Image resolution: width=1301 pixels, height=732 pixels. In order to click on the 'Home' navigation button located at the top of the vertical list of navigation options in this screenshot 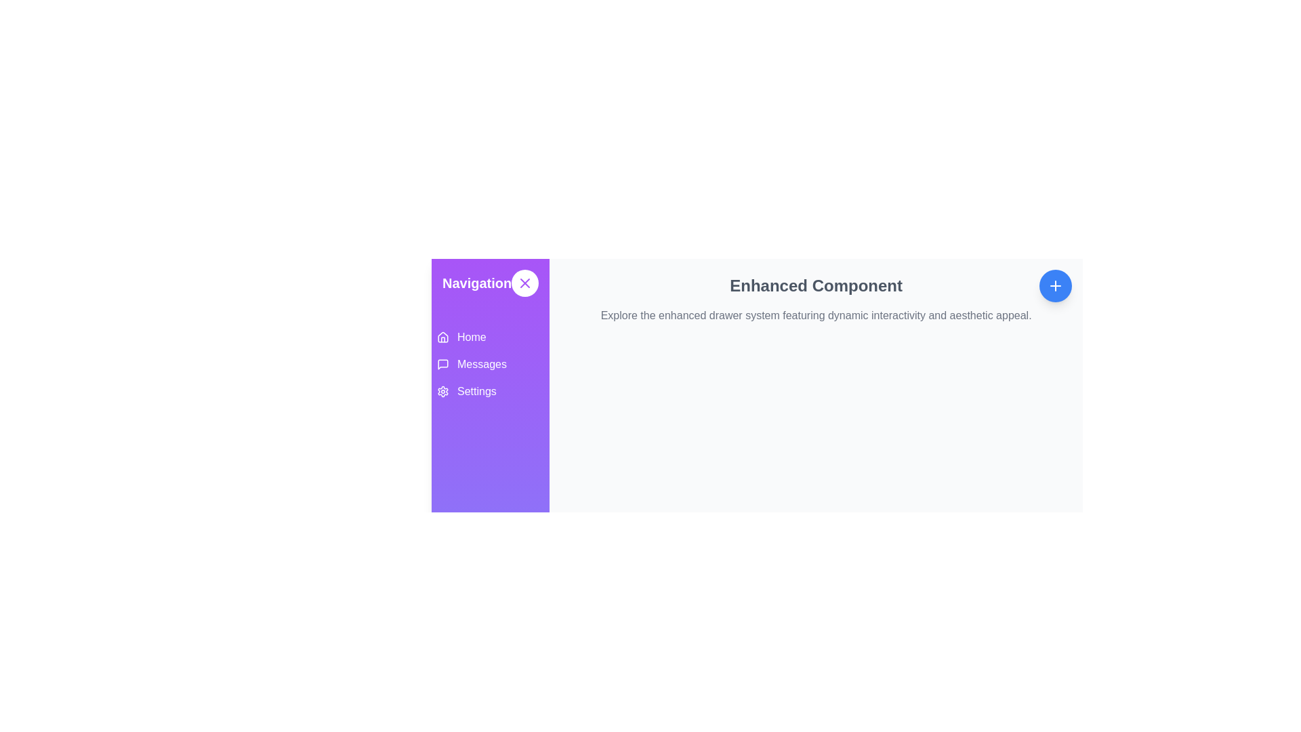, I will do `click(490, 336)`.